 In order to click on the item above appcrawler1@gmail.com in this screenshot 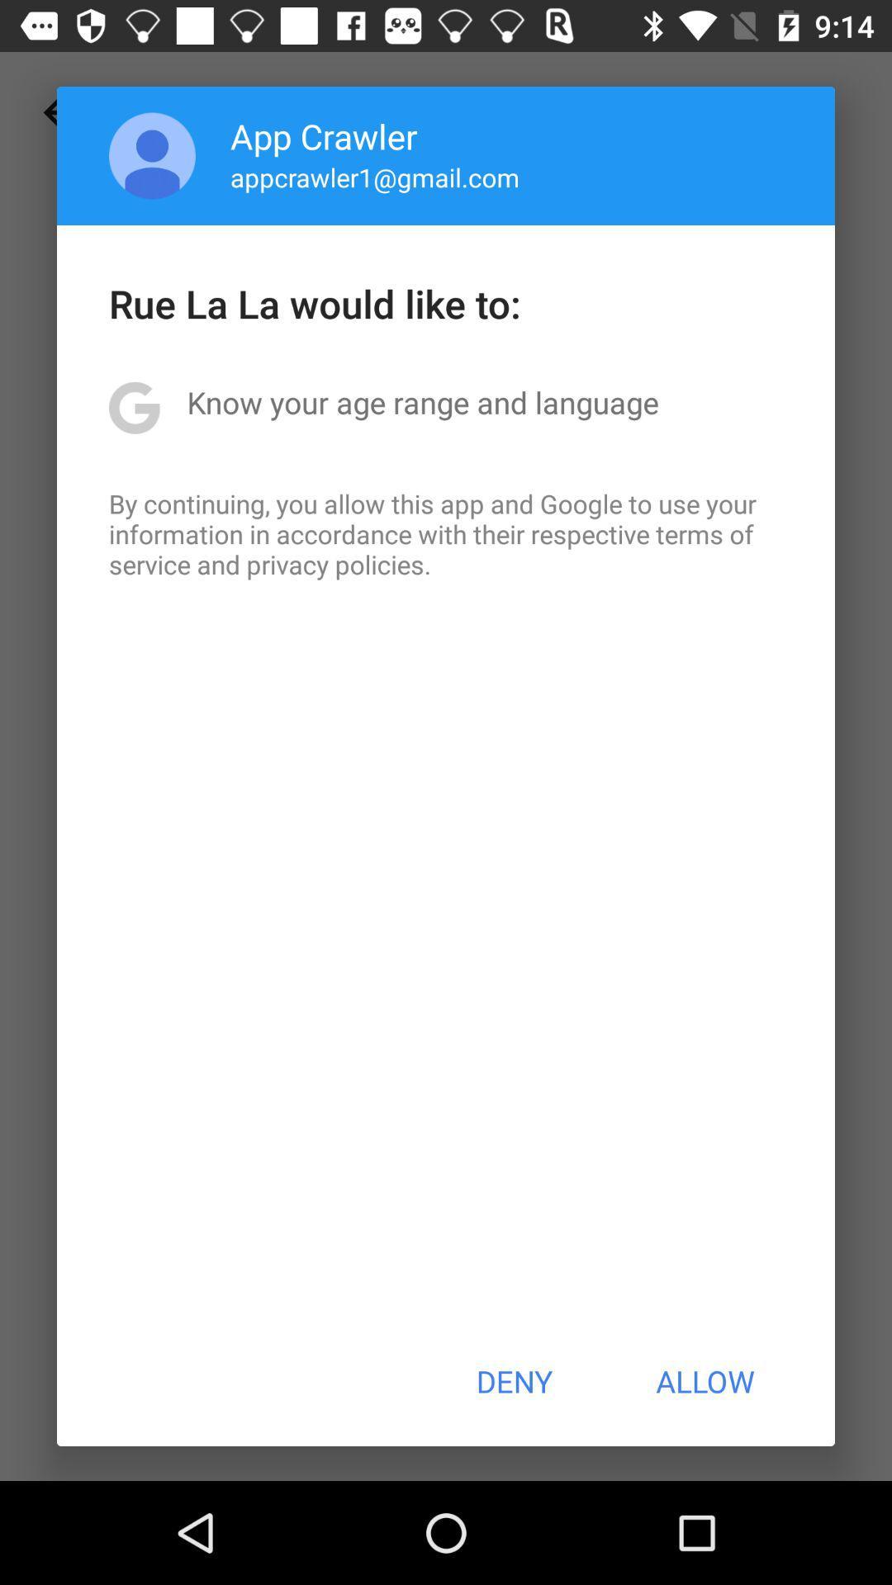, I will do `click(324, 135)`.